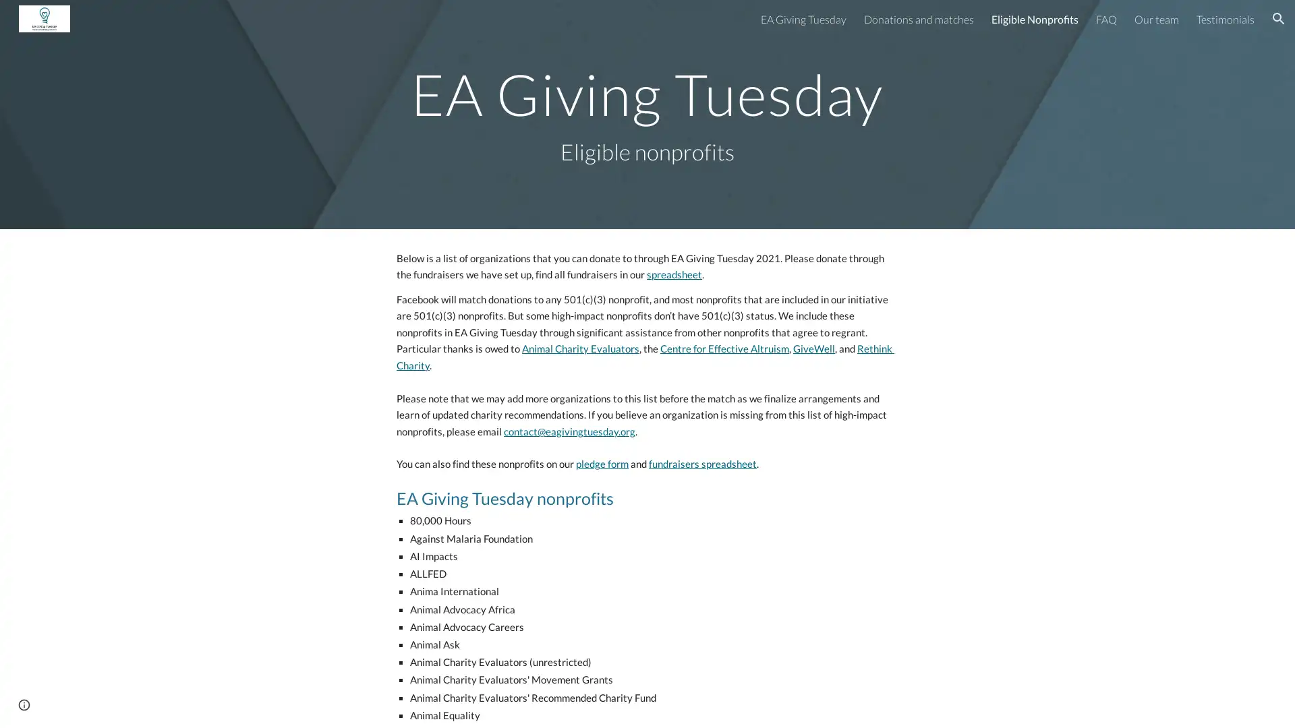 Image resolution: width=1295 pixels, height=728 pixels. Describe the element at coordinates (531, 25) in the screenshot. I see `Skip to main content` at that location.